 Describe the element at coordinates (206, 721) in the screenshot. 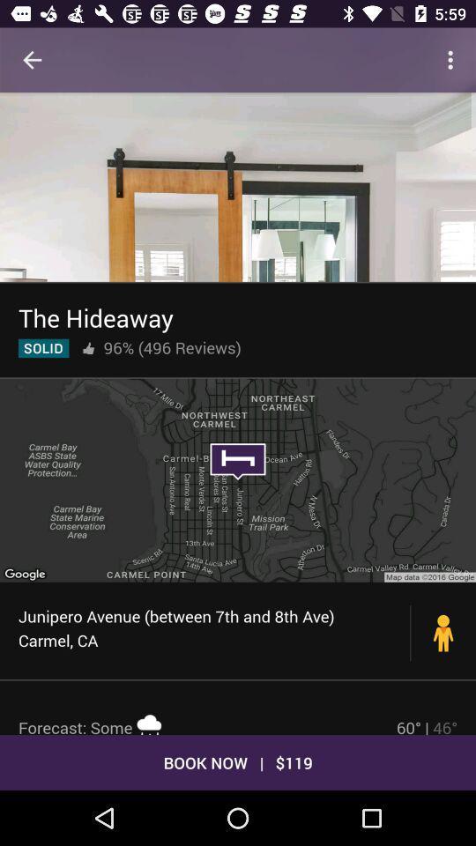

I see `item below the junipero avenue between icon` at that location.